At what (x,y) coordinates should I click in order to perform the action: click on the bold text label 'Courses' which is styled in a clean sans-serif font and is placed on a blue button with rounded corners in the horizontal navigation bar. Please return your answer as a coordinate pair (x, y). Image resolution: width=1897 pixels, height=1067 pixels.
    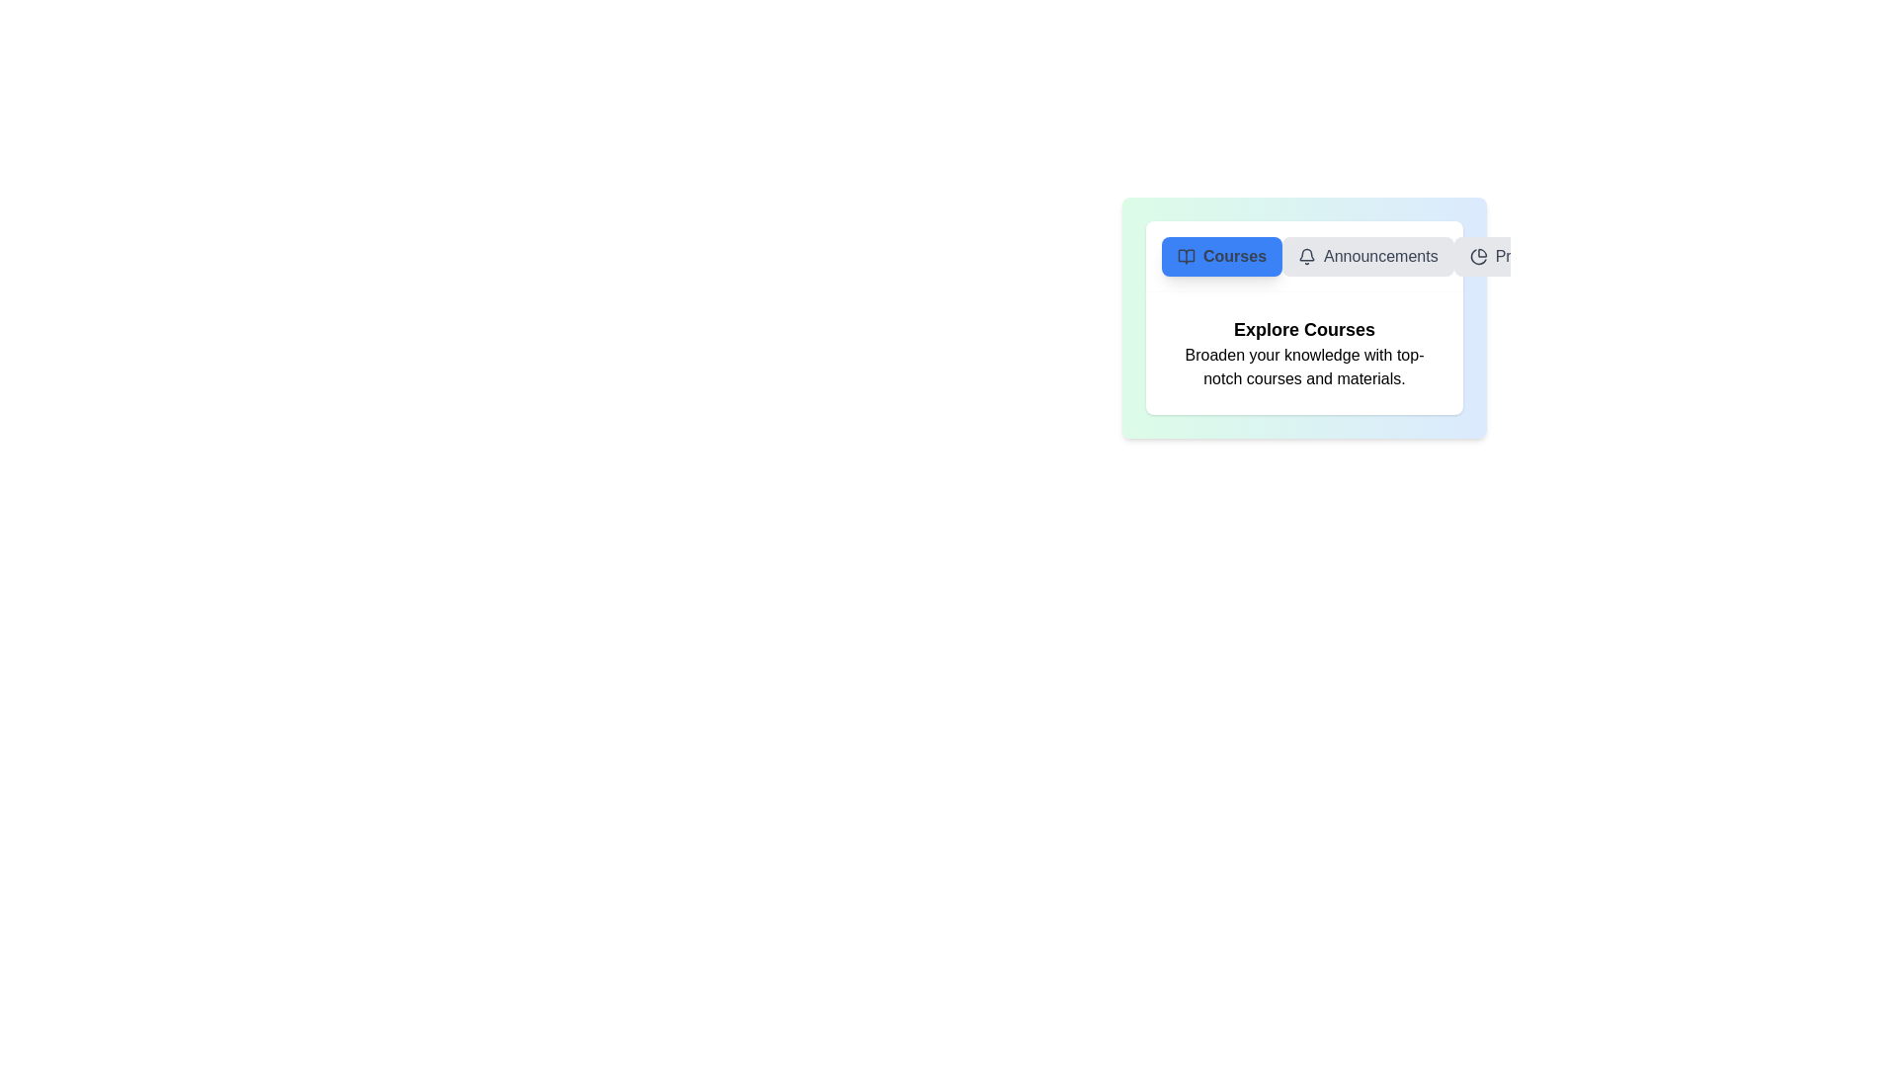
    Looking at the image, I should click on (1234, 255).